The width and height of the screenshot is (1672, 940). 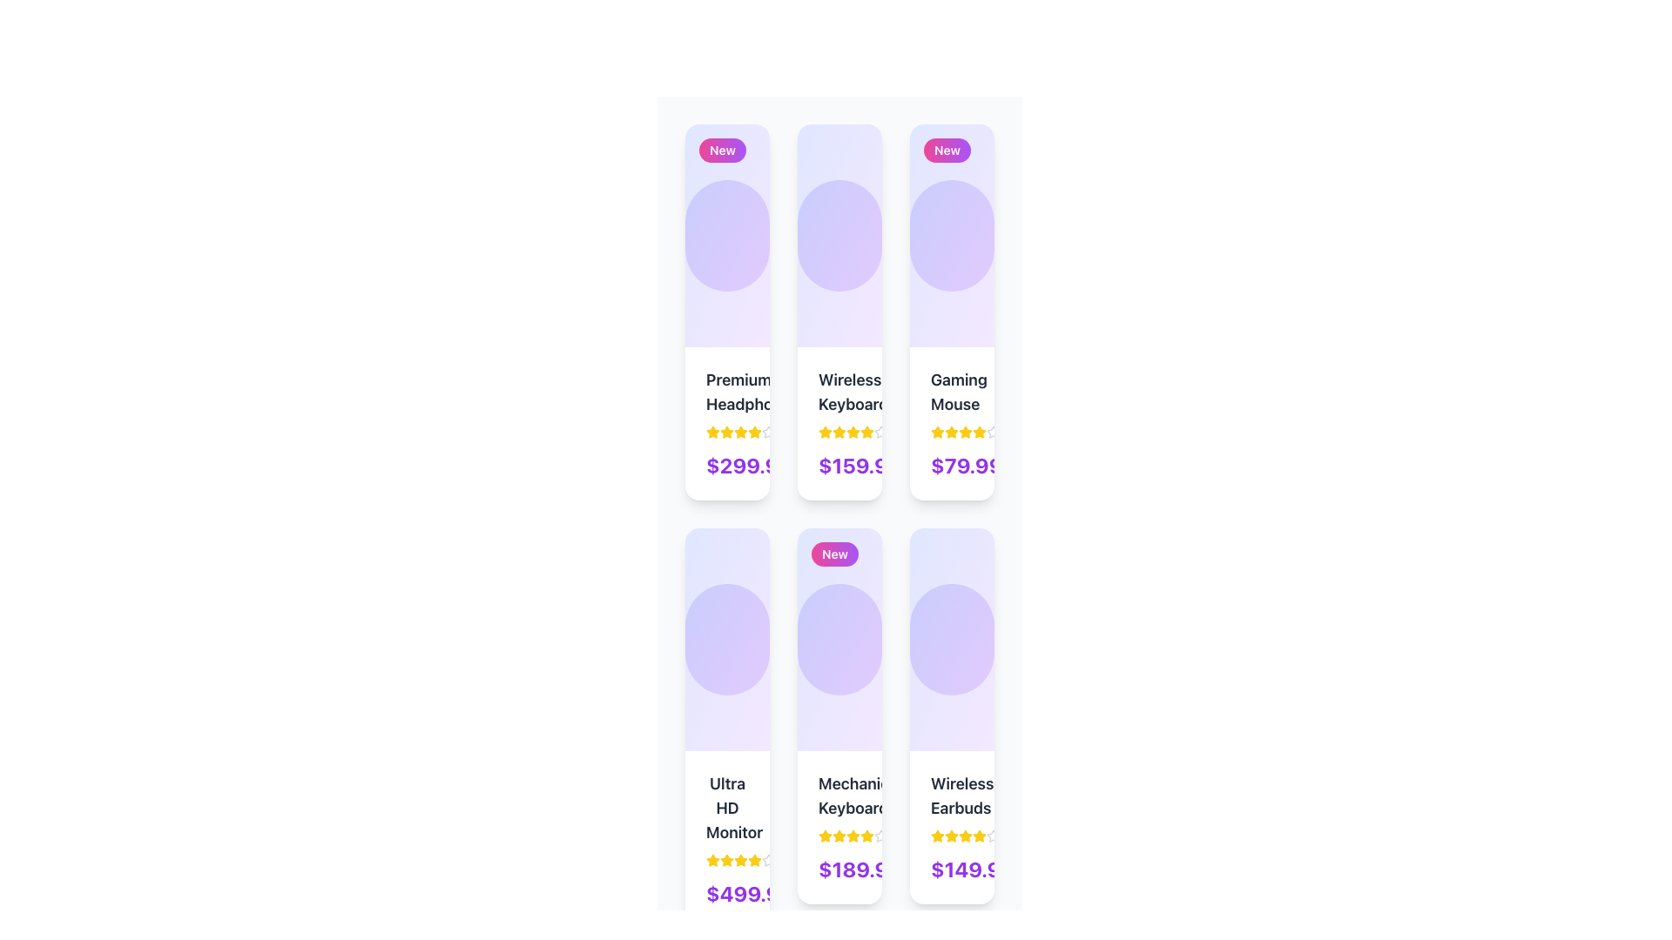 What do you see at coordinates (964, 835) in the screenshot?
I see `the fifth star icon indicating the rating for the 'Wireless Earbuds' product located at the bottom section of the product card` at bounding box center [964, 835].